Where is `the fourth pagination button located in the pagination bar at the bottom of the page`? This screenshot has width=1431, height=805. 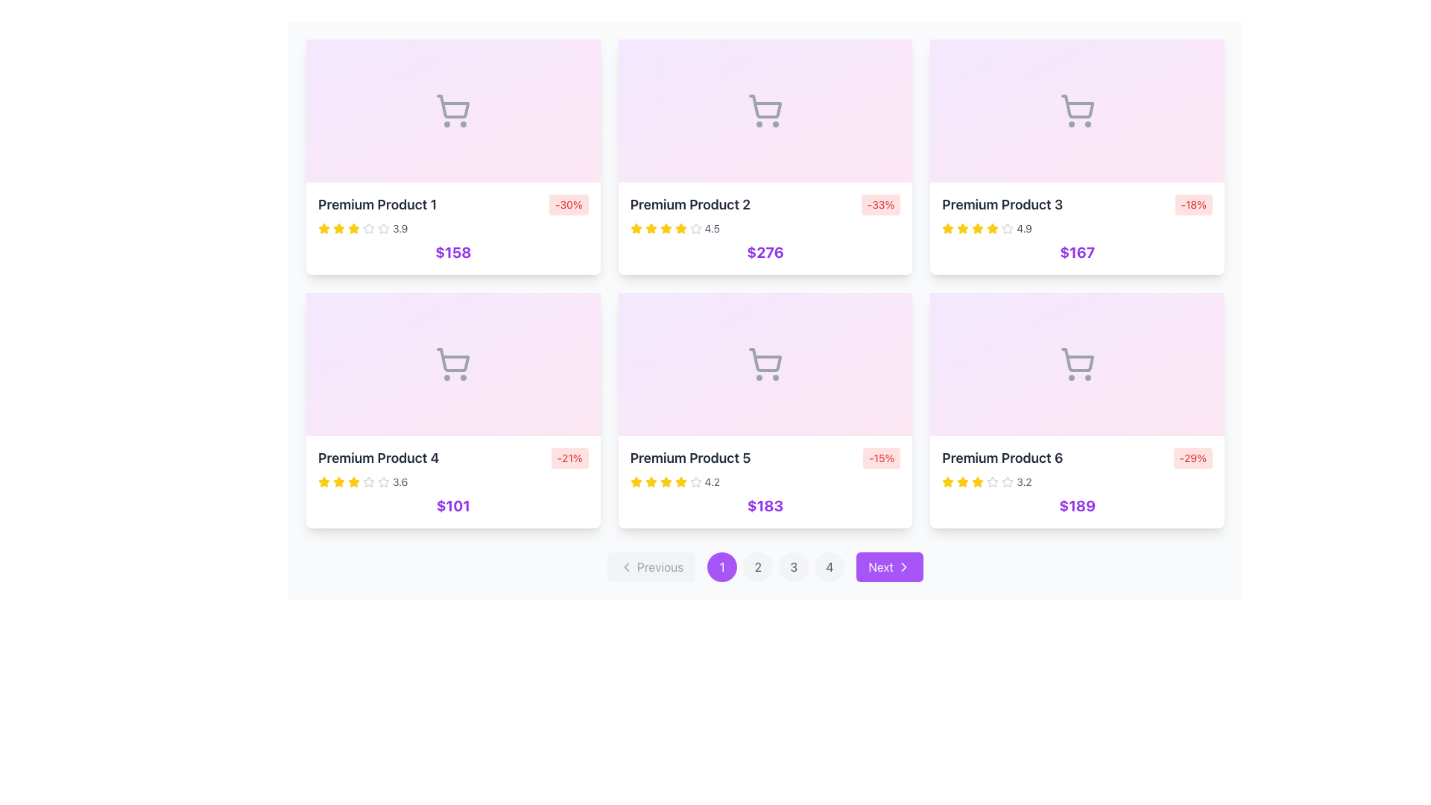
the fourth pagination button located in the pagination bar at the bottom of the page is located at coordinates (829, 566).